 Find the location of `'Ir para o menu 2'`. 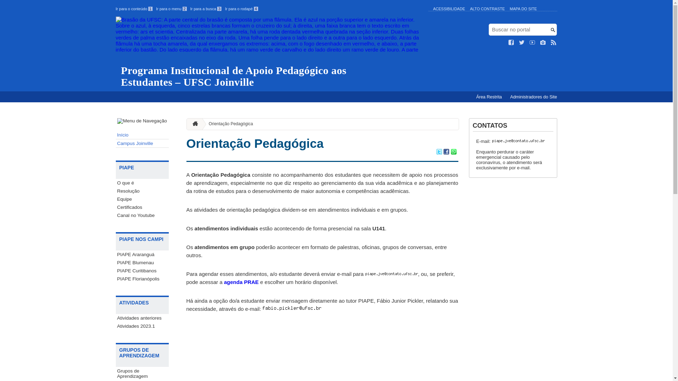

'Ir para o menu 2' is located at coordinates (171, 8).